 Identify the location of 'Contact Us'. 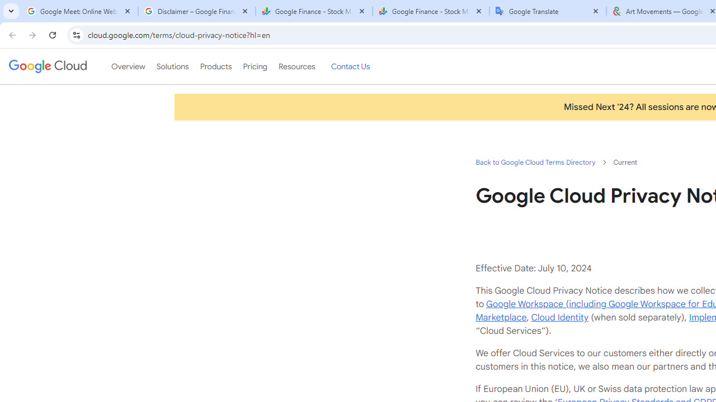
(350, 66).